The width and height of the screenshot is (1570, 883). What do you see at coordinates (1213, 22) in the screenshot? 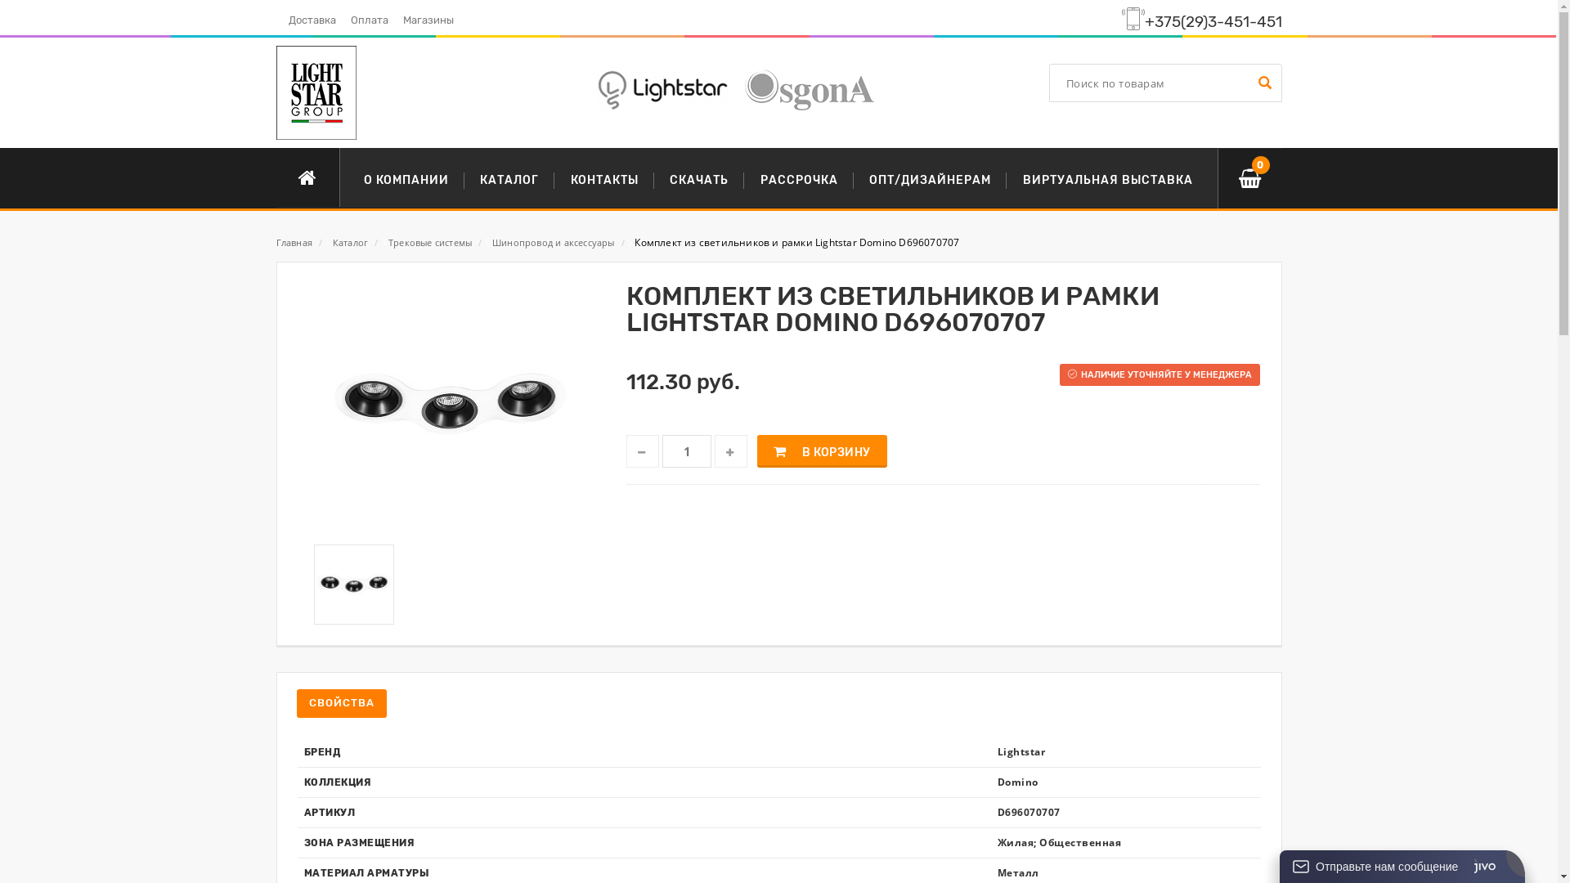
I see `'+375(29)3-451-451'` at bounding box center [1213, 22].